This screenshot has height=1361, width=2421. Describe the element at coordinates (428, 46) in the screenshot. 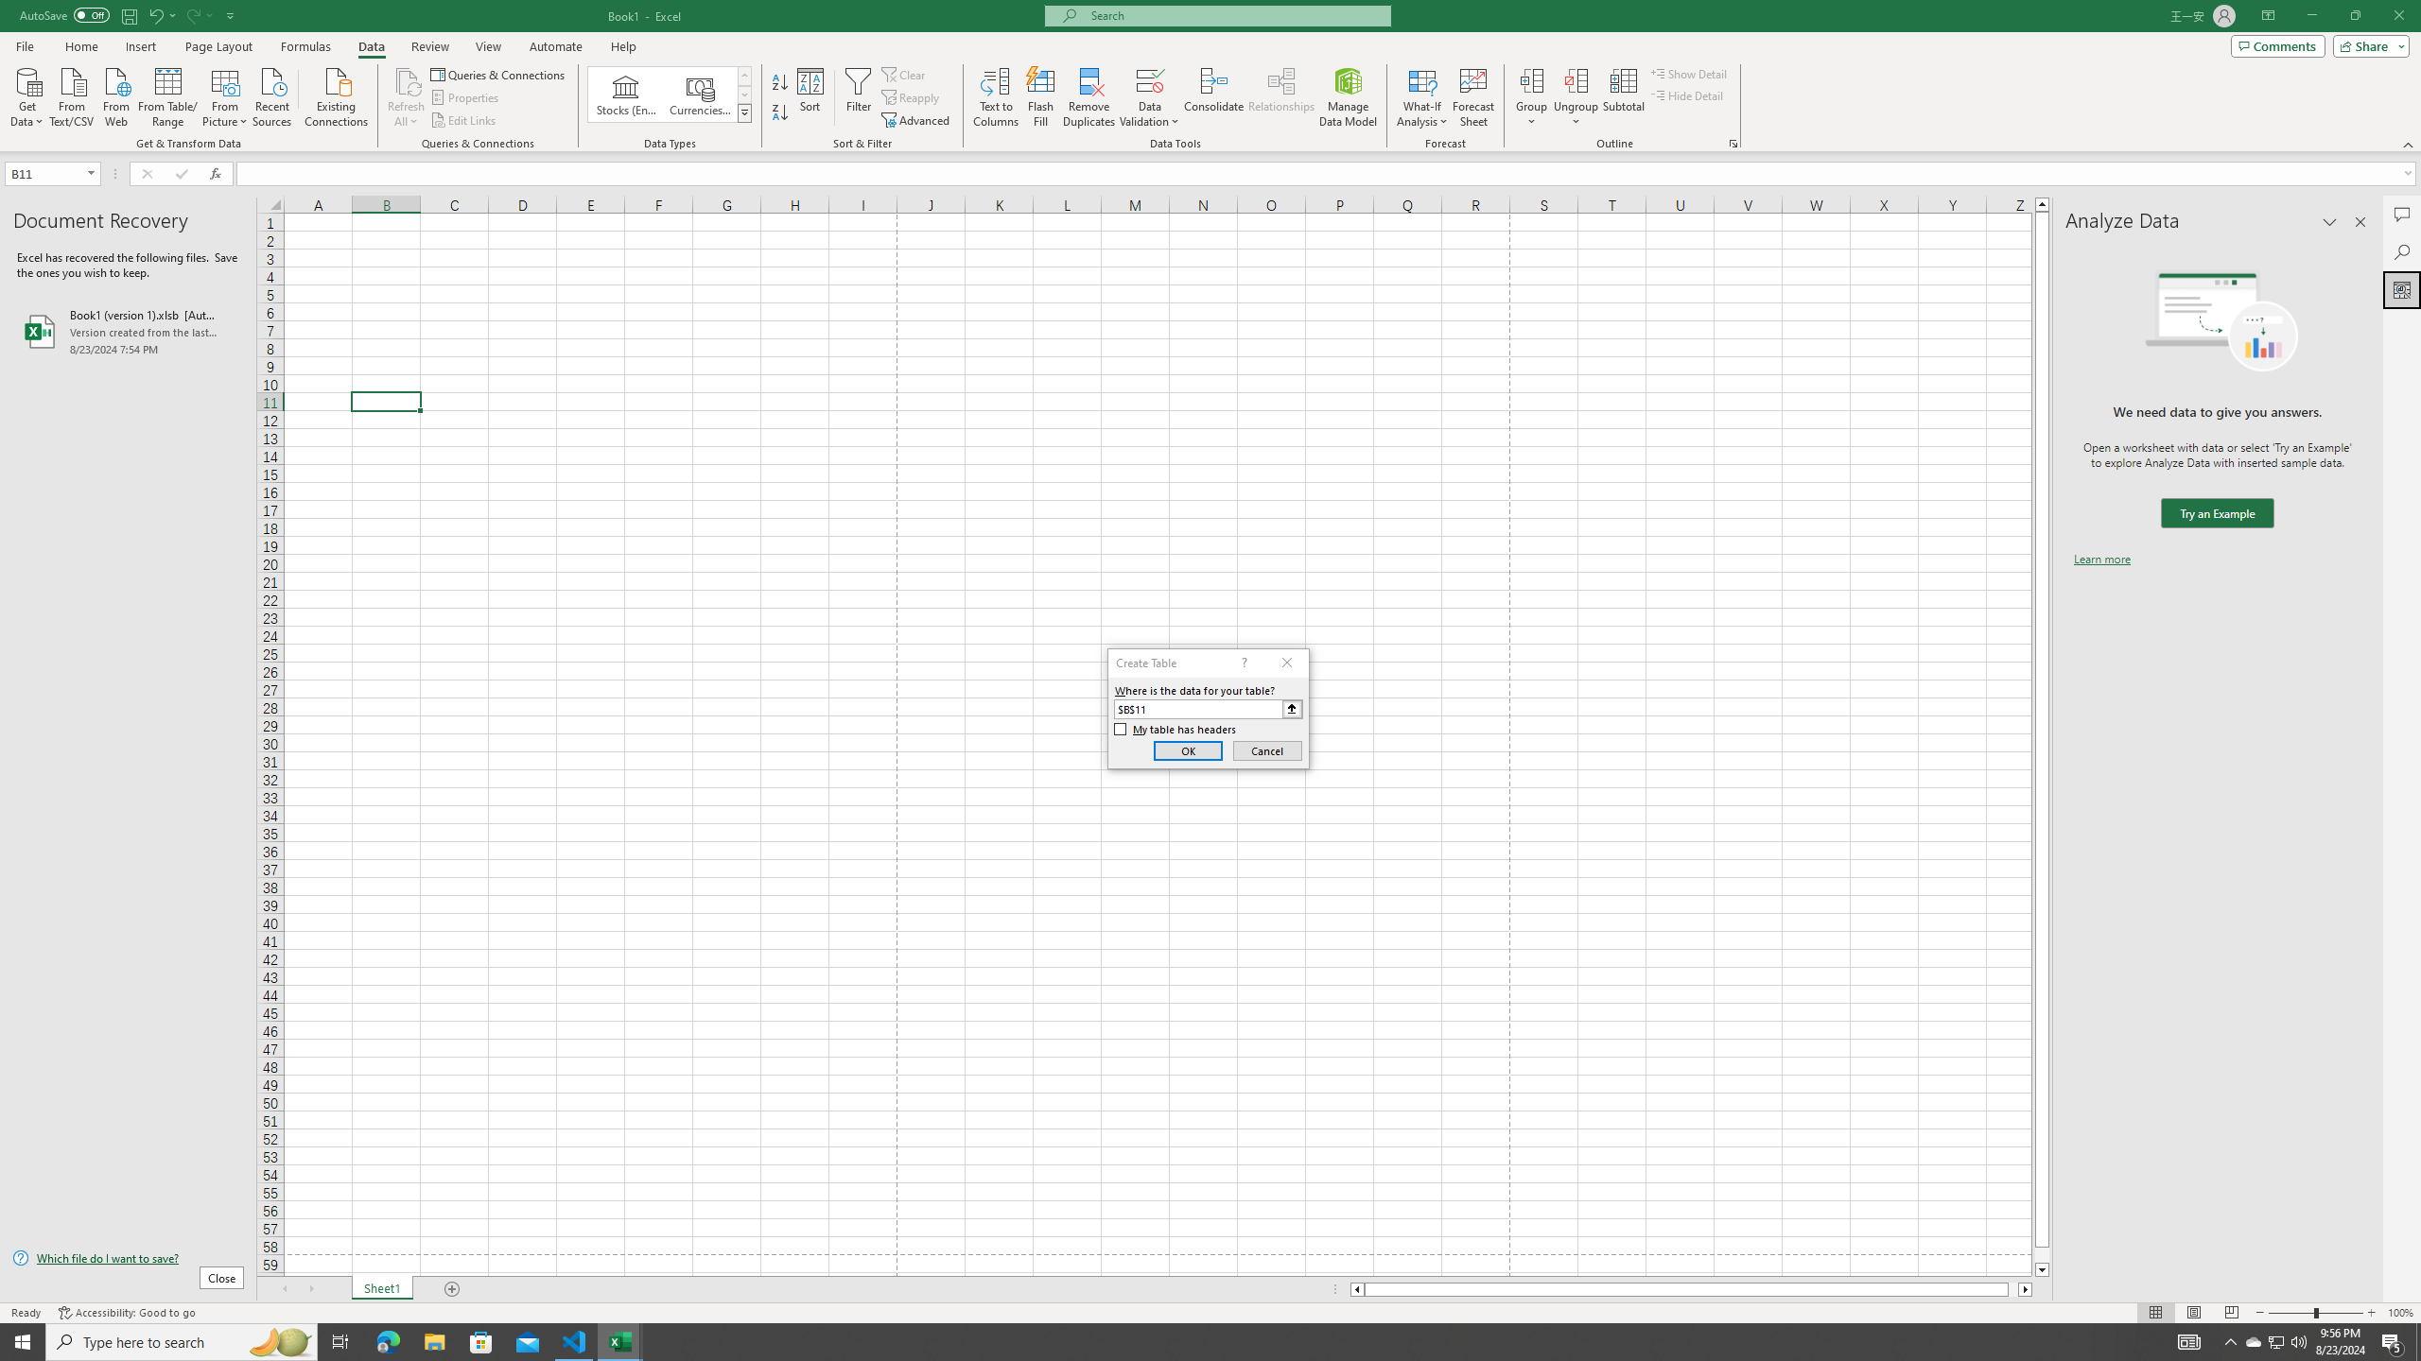

I see `'Review'` at that location.